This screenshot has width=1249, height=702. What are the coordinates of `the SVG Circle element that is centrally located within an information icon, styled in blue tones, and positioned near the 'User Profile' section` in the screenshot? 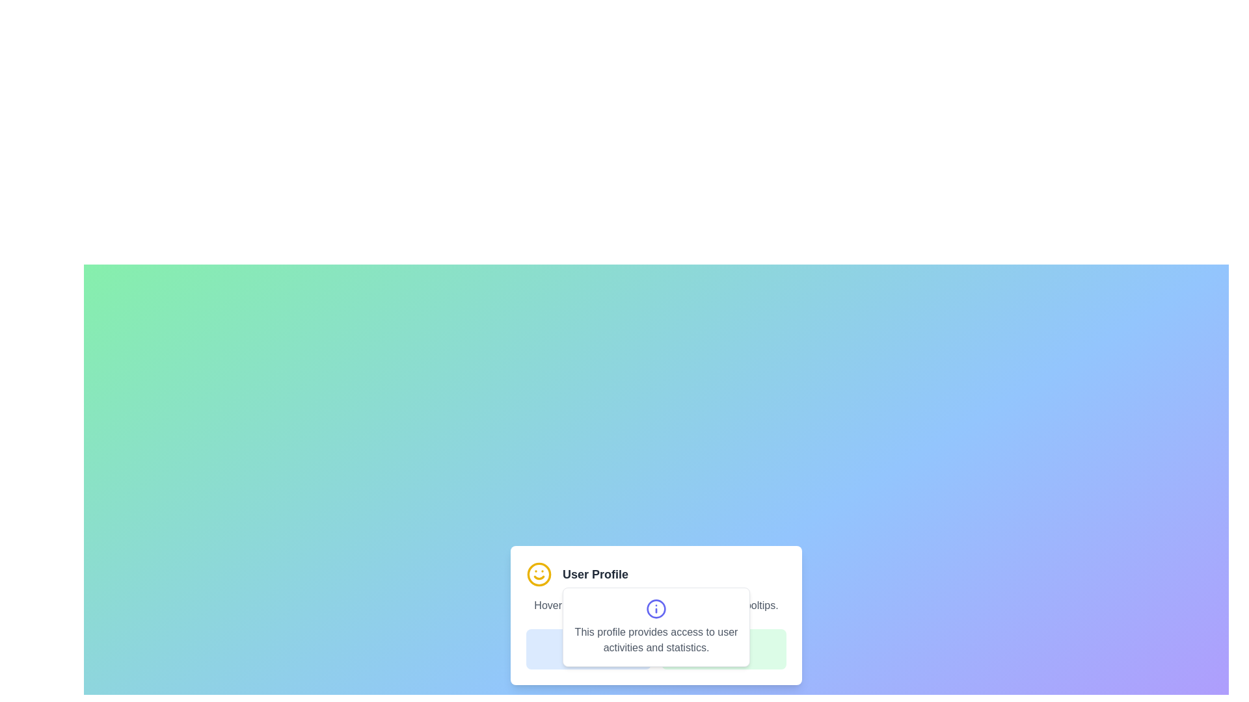 It's located at (656, 609).